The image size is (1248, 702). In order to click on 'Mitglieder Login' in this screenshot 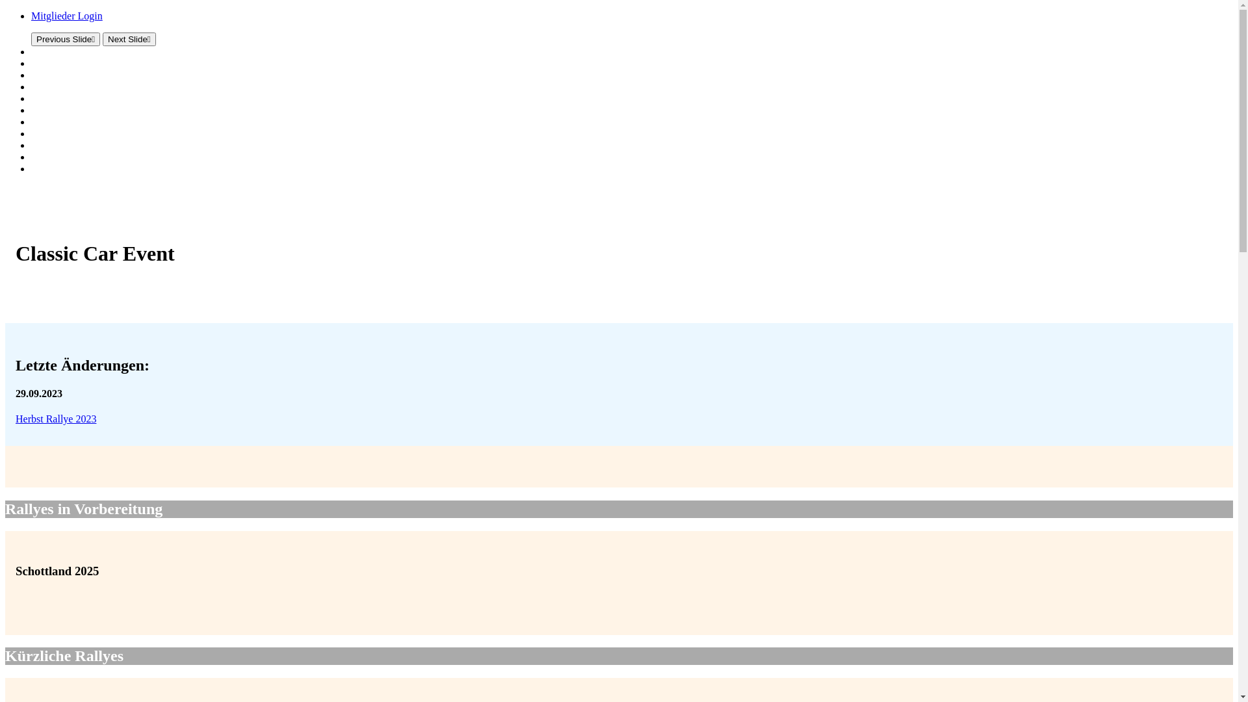, I will do `click(66, 16)`.